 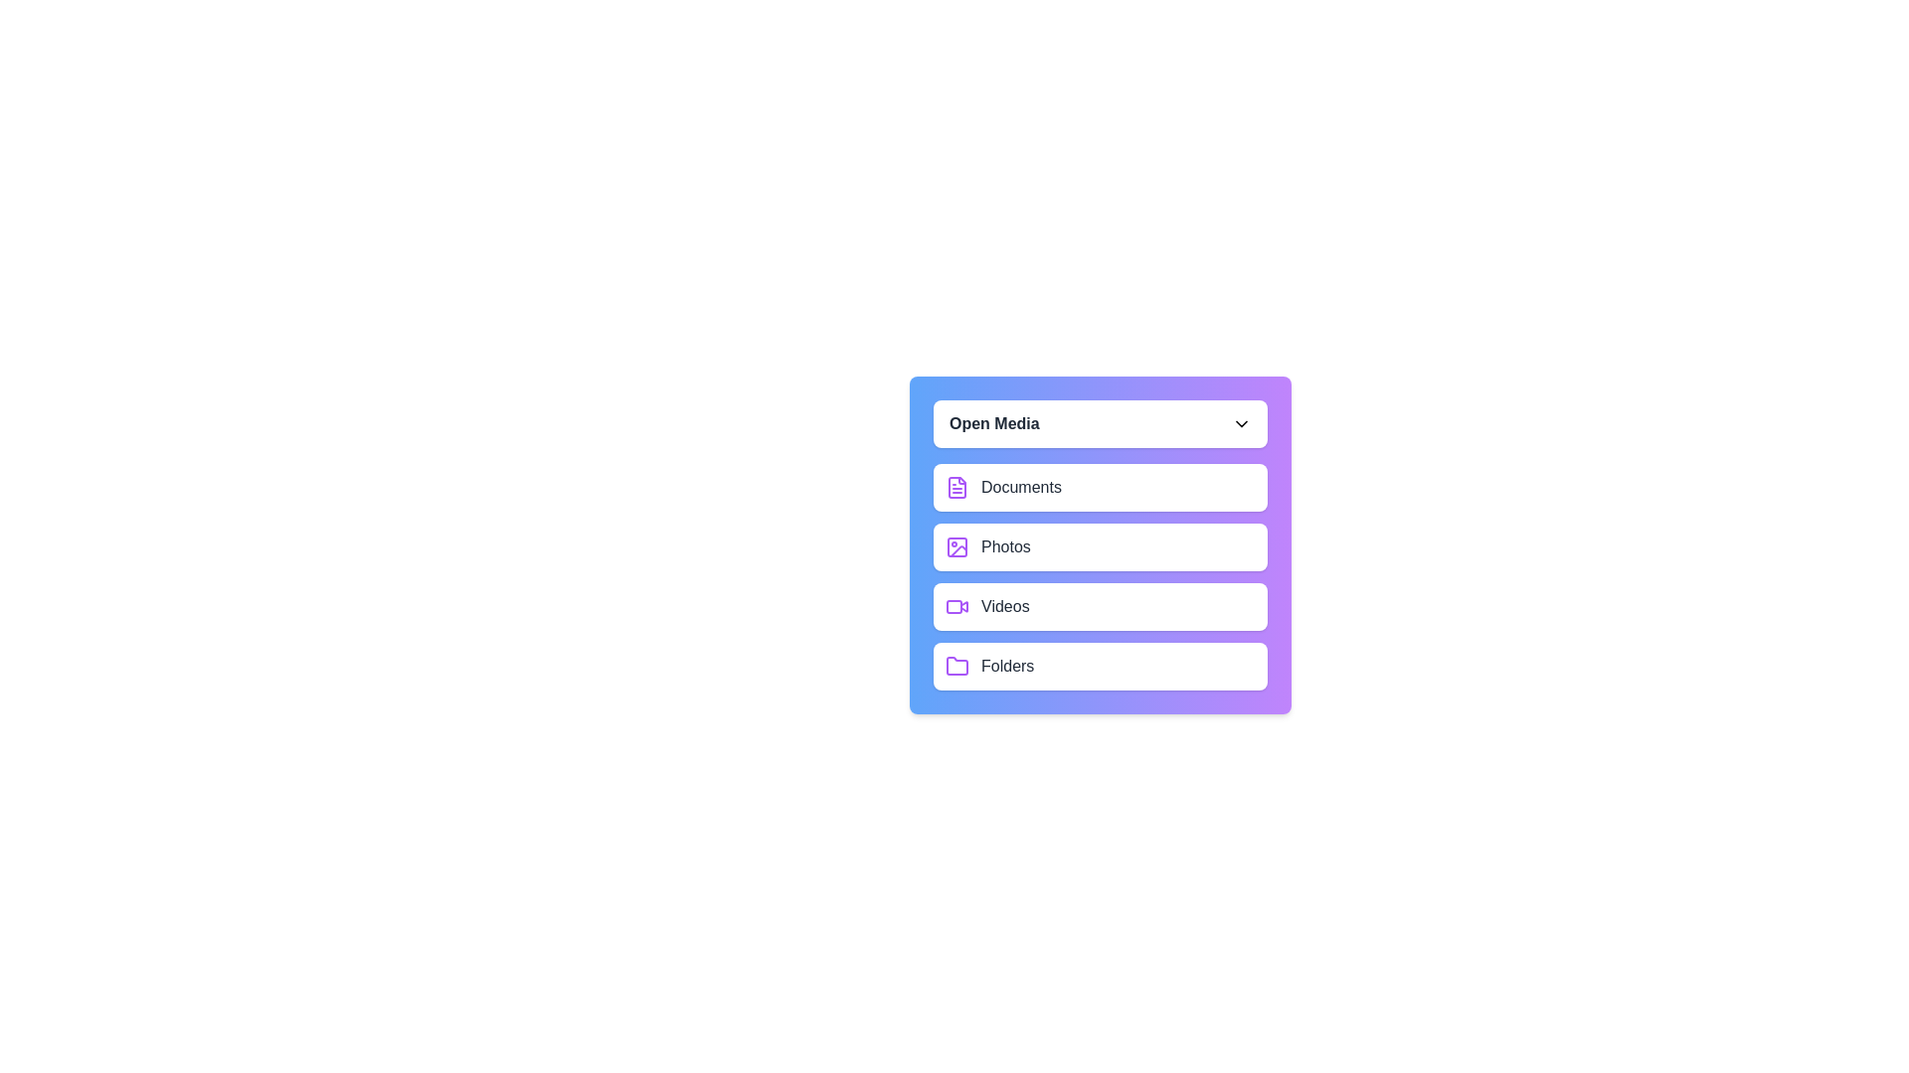 What do you see at coordinates (1100, 547) in the screenshot?
I see `the 'Photos' button located in the 'Open Media' panel, which is directly below the 'Documents' button and above the 'Videos' button` at bounding box center [1100, 547].